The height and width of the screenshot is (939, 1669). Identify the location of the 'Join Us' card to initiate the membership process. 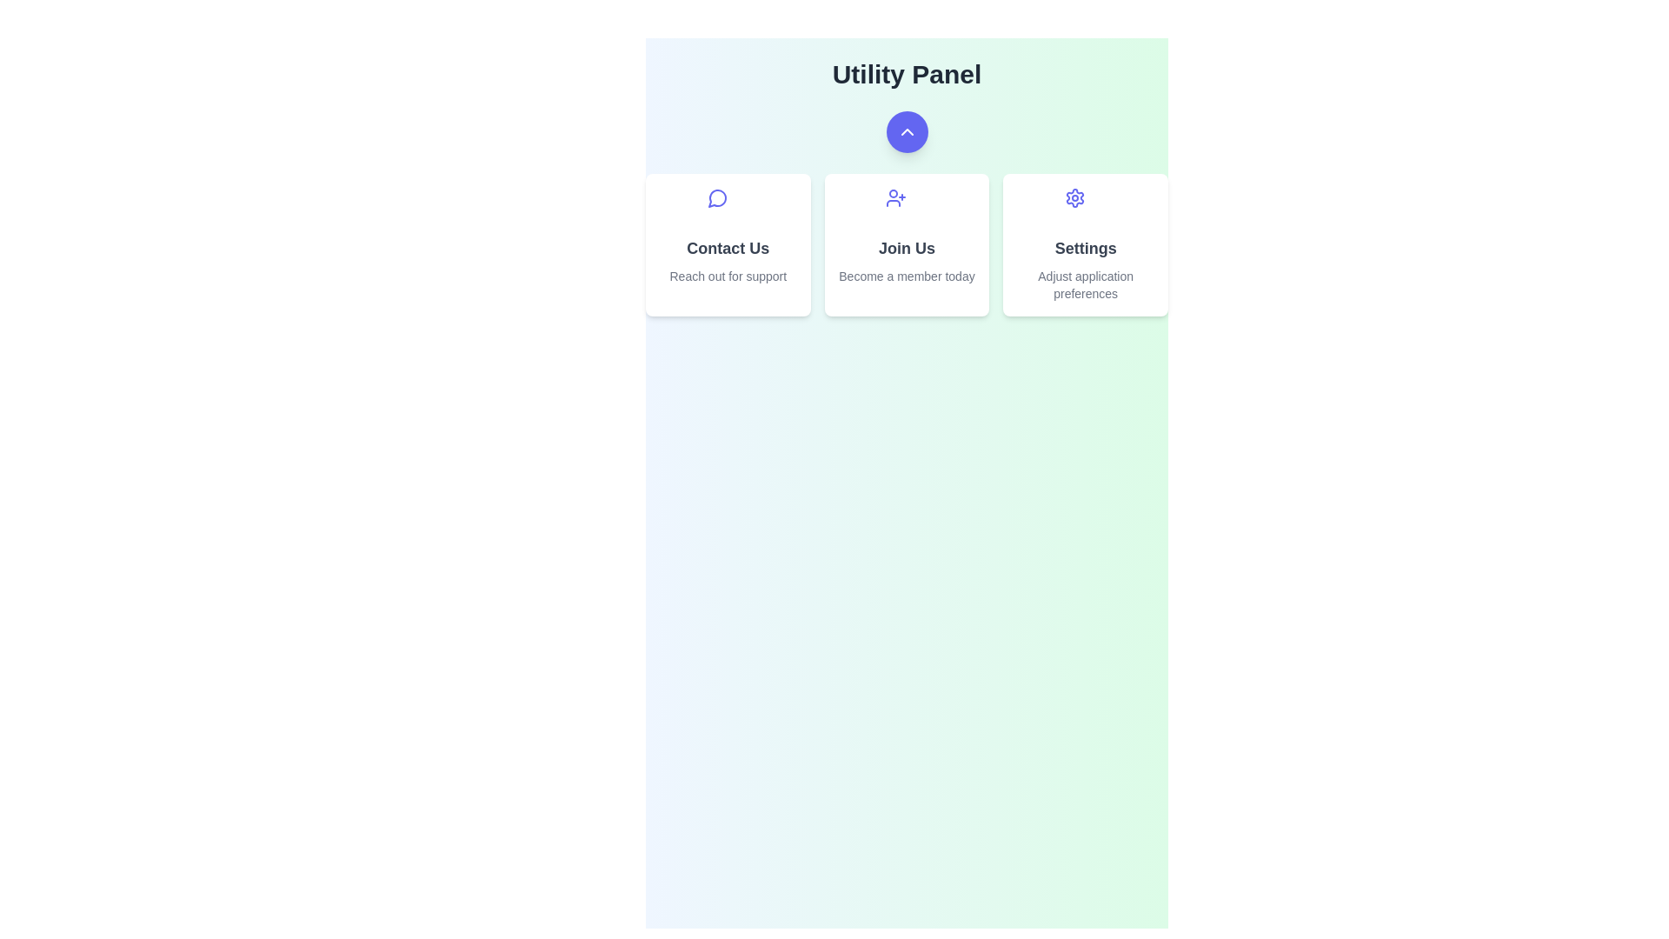
(906, 244).